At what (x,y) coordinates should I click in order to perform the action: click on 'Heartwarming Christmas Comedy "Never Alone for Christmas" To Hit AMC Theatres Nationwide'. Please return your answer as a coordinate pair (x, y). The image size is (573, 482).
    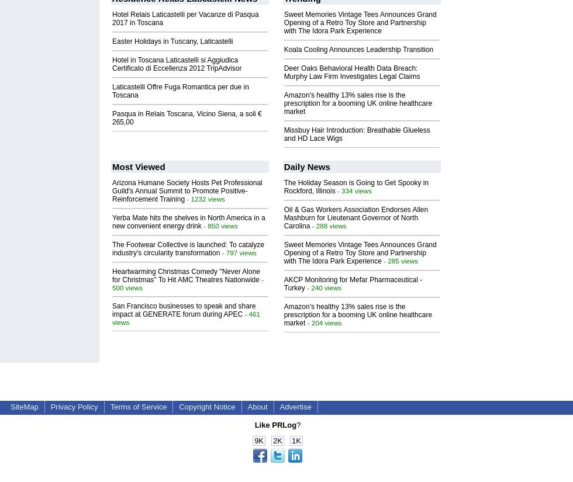
    Looking at the image, I should click on (186, 275).